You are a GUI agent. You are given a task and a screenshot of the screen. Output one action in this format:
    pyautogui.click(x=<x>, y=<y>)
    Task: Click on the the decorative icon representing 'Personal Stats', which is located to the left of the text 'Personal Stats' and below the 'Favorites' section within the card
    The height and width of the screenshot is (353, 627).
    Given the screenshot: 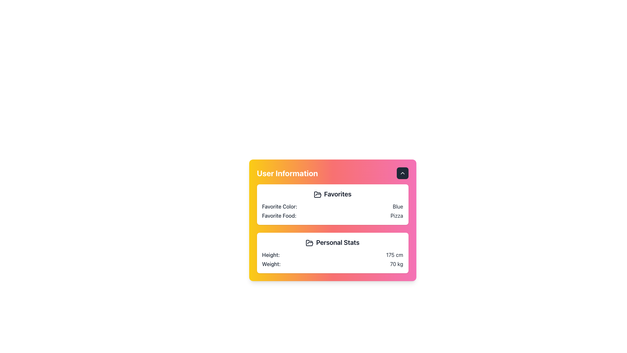 What is the action you would take?
    pyautogui.click(x=309, y=243)
    